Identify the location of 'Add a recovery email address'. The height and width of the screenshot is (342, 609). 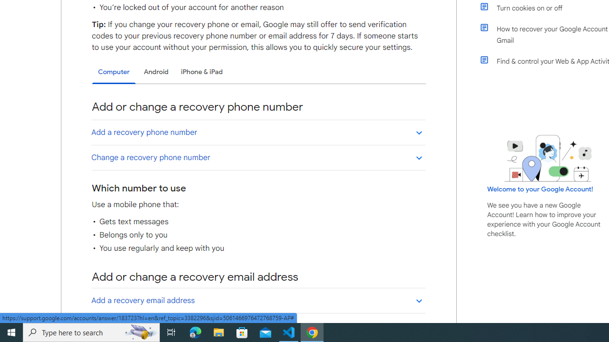
(258, 300).